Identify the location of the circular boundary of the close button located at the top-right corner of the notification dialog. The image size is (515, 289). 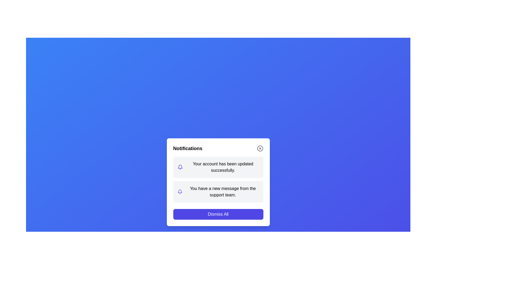
(260, 149).